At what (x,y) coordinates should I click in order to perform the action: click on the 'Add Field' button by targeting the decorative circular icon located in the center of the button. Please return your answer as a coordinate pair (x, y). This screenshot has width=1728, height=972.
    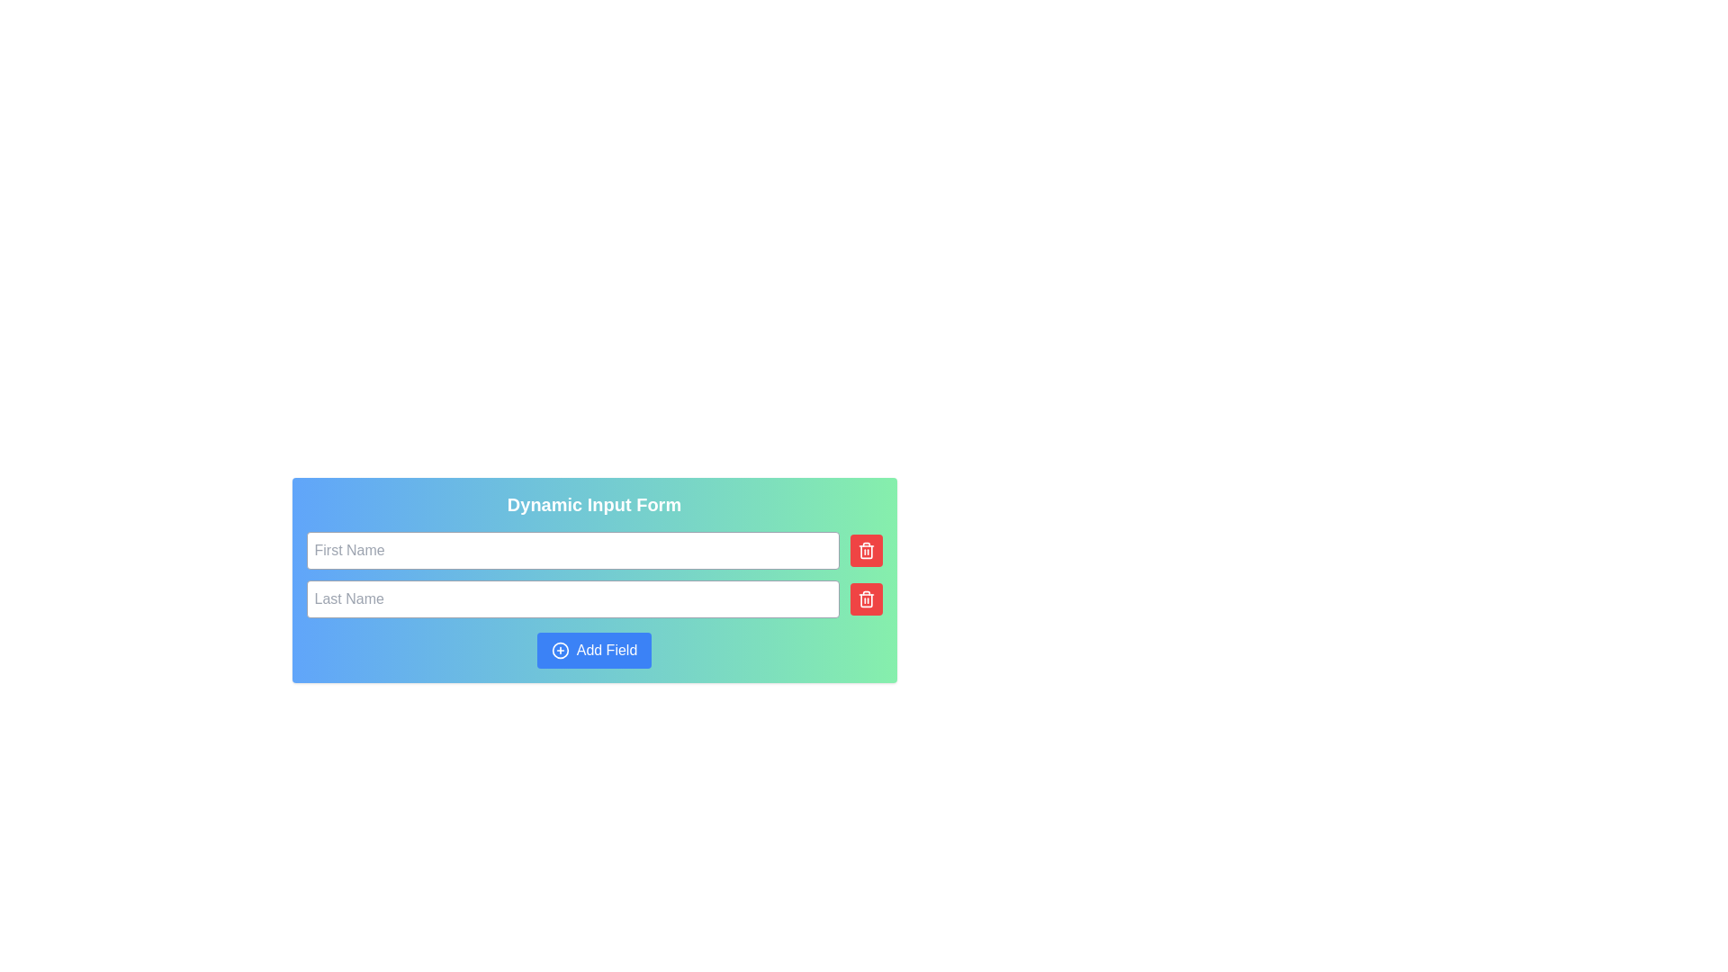
    Looking at the image, I should click on (559, 650).